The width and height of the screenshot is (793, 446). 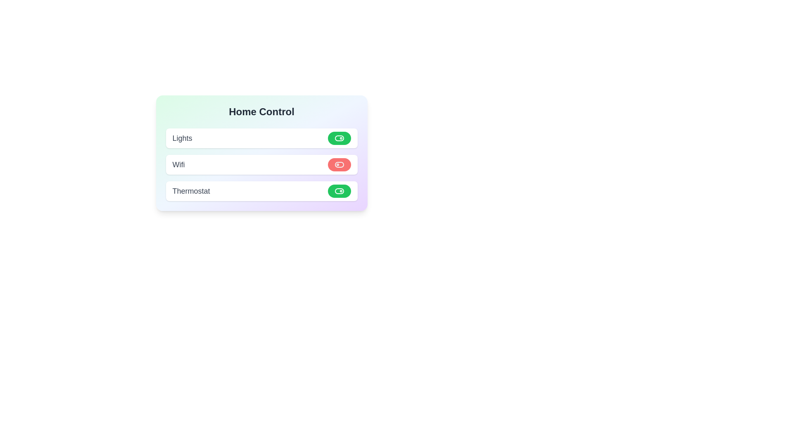 I want to click on the rounded rectangle toggle switch with a green background for the 'Thermostat' option, so click(x=339, y=191).